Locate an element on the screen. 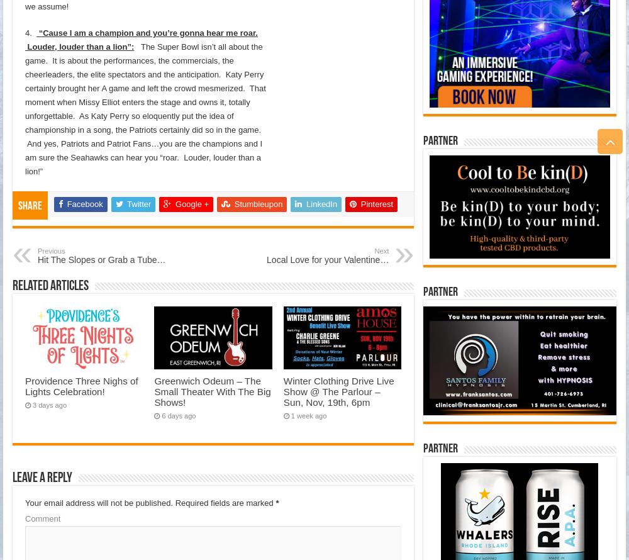 Image resolution: width=629 pixels, height=560 pixels. '3 days ago' is located at coordinates (49, 405).